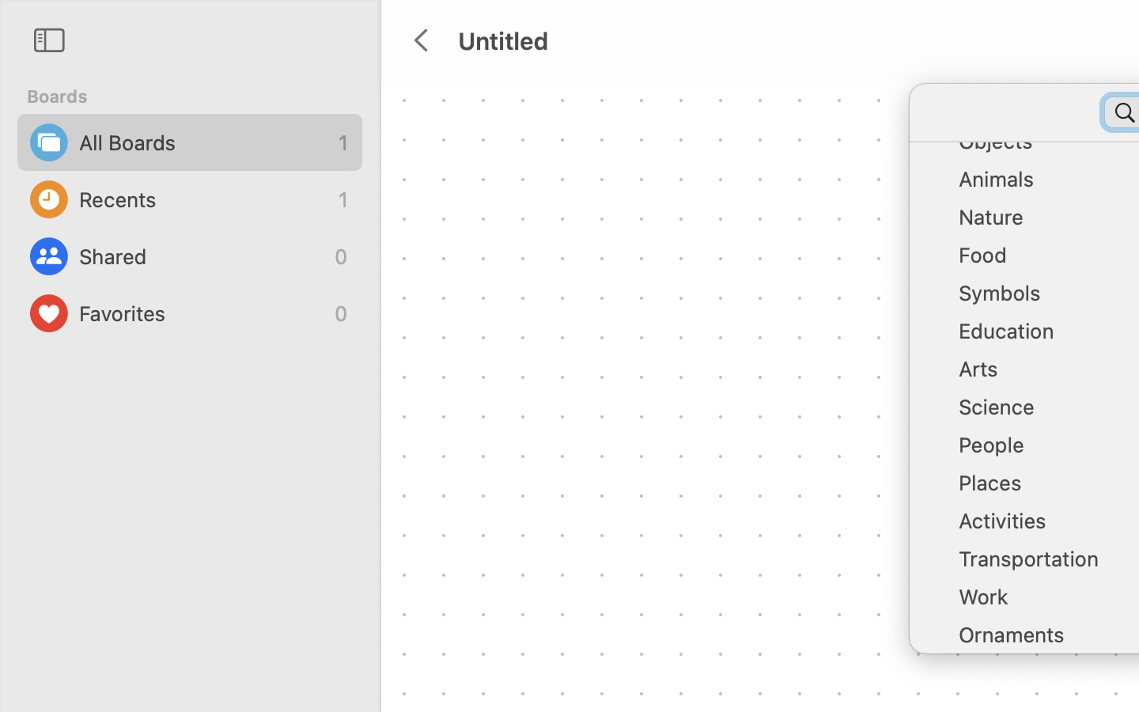  I want to click on 'Work', so click(1044, 602).